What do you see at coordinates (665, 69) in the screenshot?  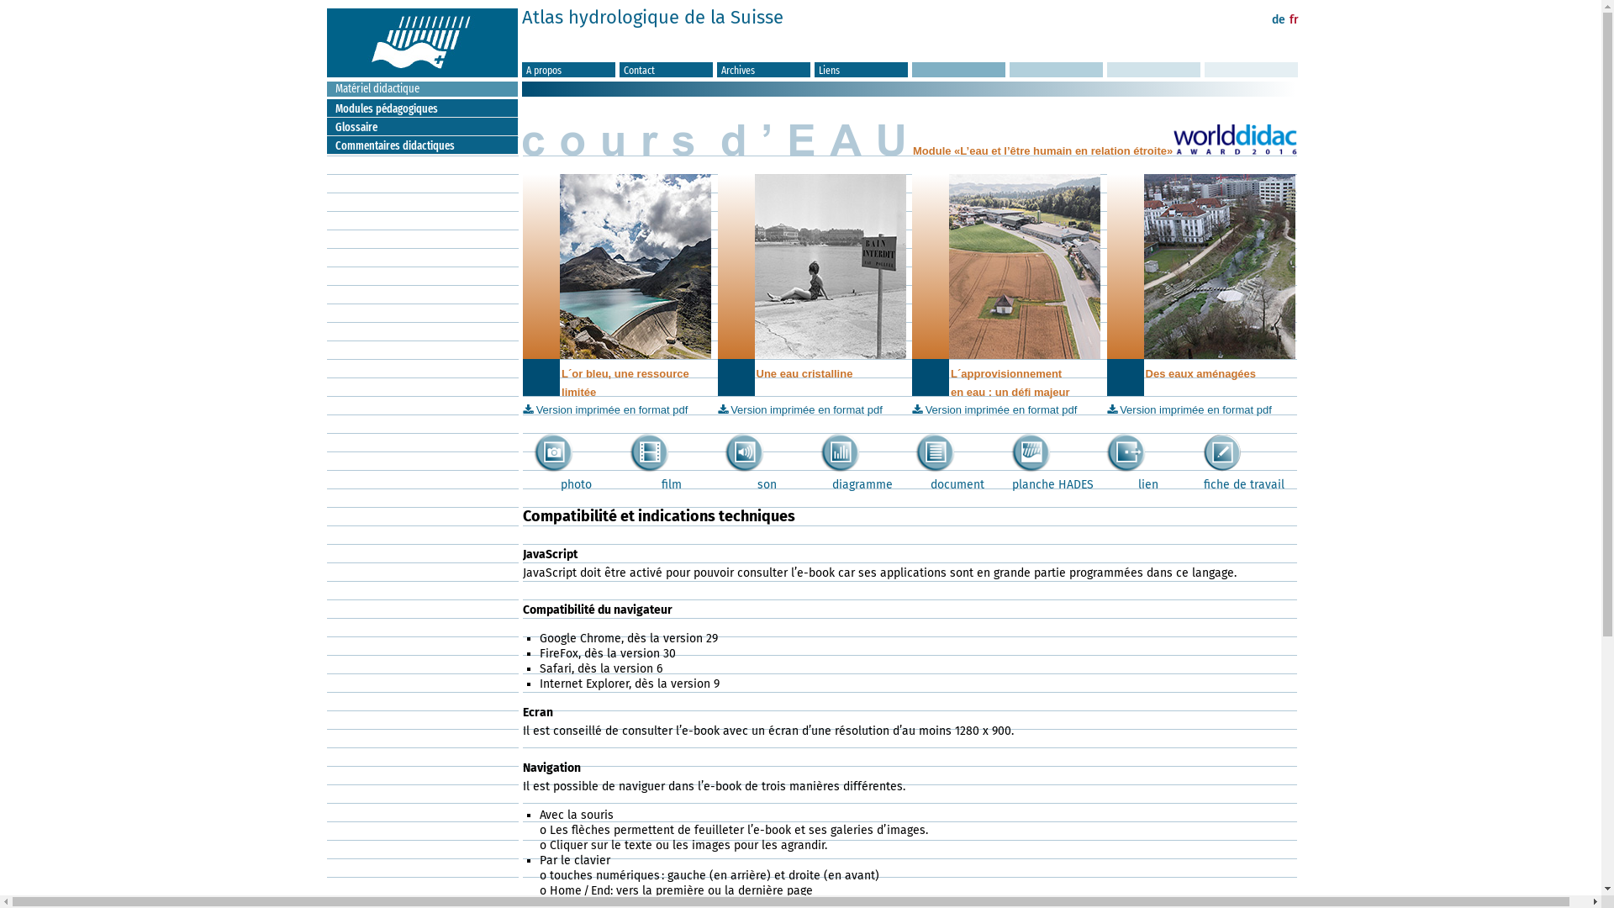 I see `'Contact'` at bounding box center [665, 69].